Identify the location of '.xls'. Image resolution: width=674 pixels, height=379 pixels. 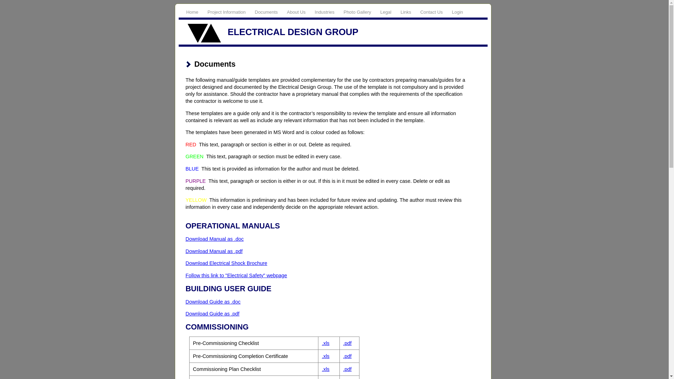
(325, 356).